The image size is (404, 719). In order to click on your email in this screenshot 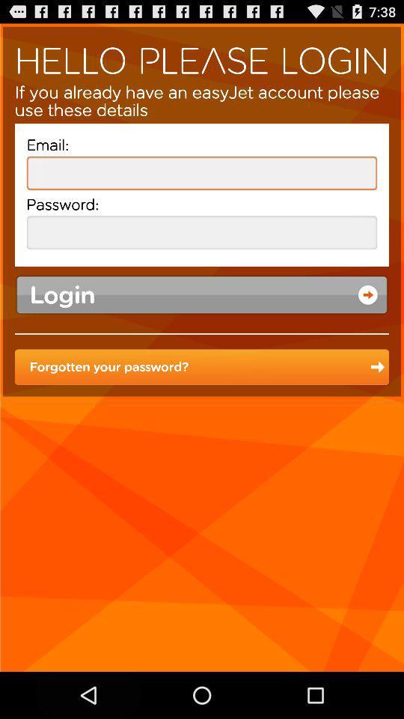, I will do `click(202, 173)`.